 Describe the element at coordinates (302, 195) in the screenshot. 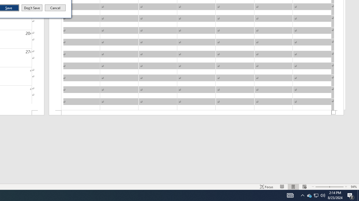

I see `'Notification Chevron'` at that location.